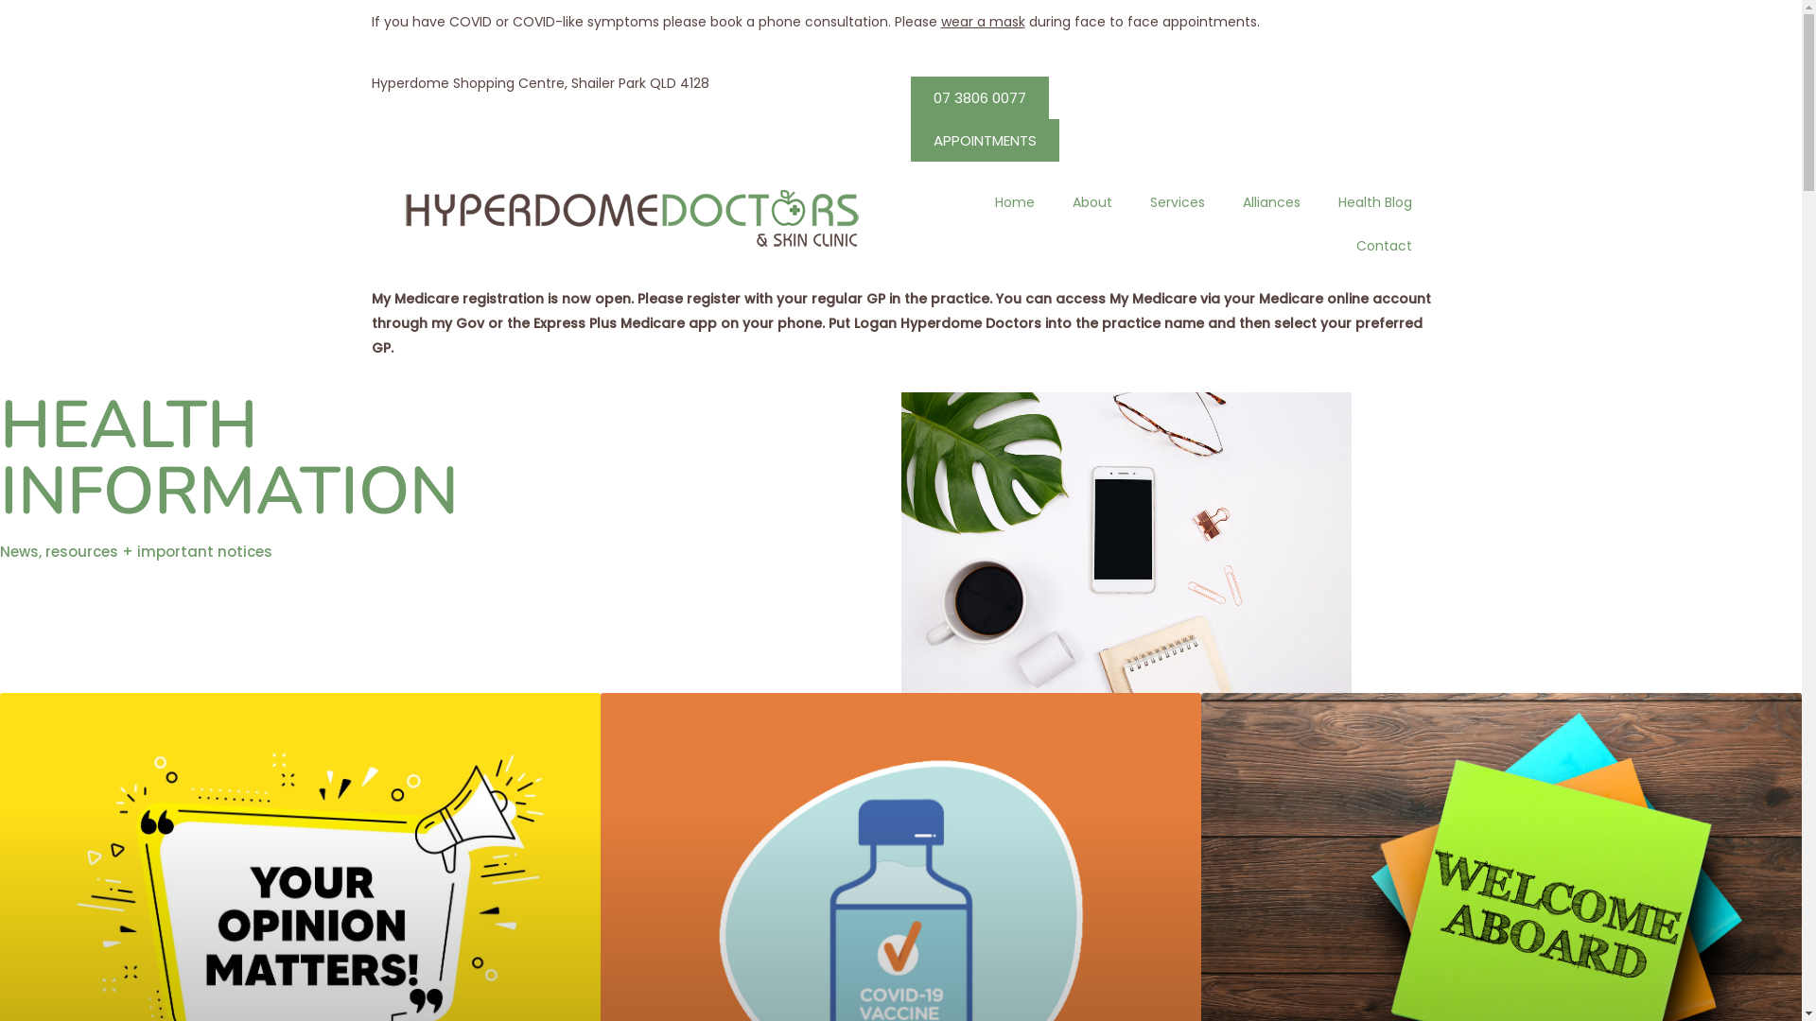 The height and width of the screenshot is (1021, 1816). What do you see at coordinates (1374, 200) in the screenshot?
I see `'Health Blog'` at bounding box center [1374, 200].